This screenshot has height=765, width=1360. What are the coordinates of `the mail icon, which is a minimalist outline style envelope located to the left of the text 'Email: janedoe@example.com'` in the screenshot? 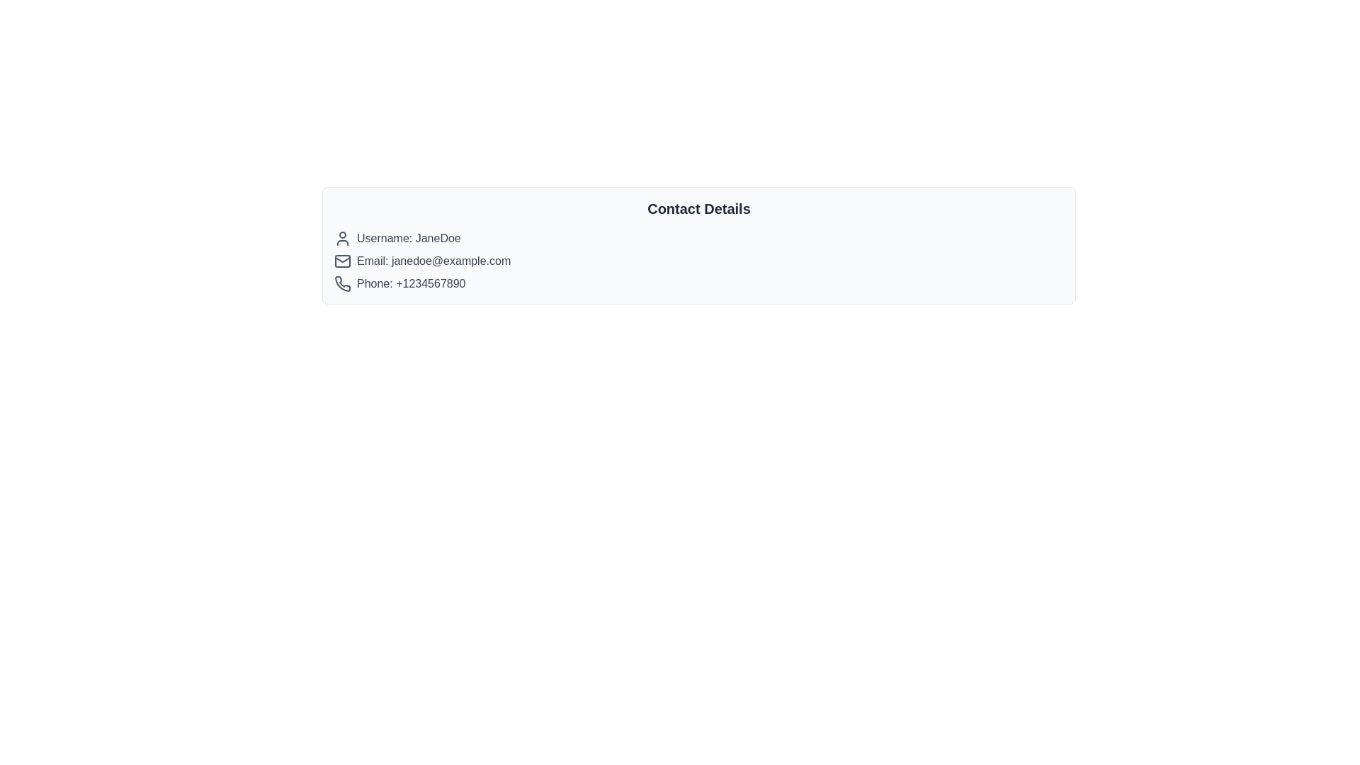 It's located at (343, 261).